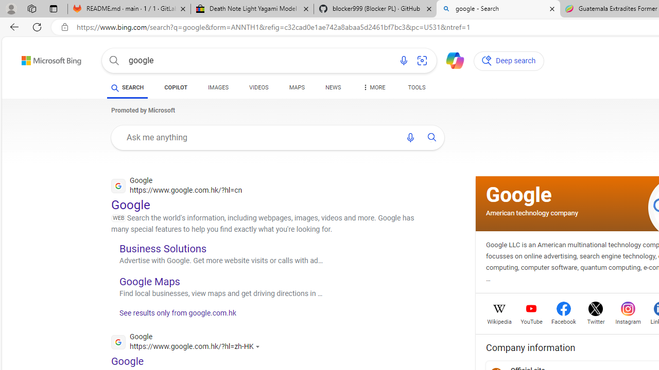 Image resolution: width=659 pixels, height=370 pixels. Describe the element at coordinates (450, 60) in the screenshot. I see `'Chat'` at that location.